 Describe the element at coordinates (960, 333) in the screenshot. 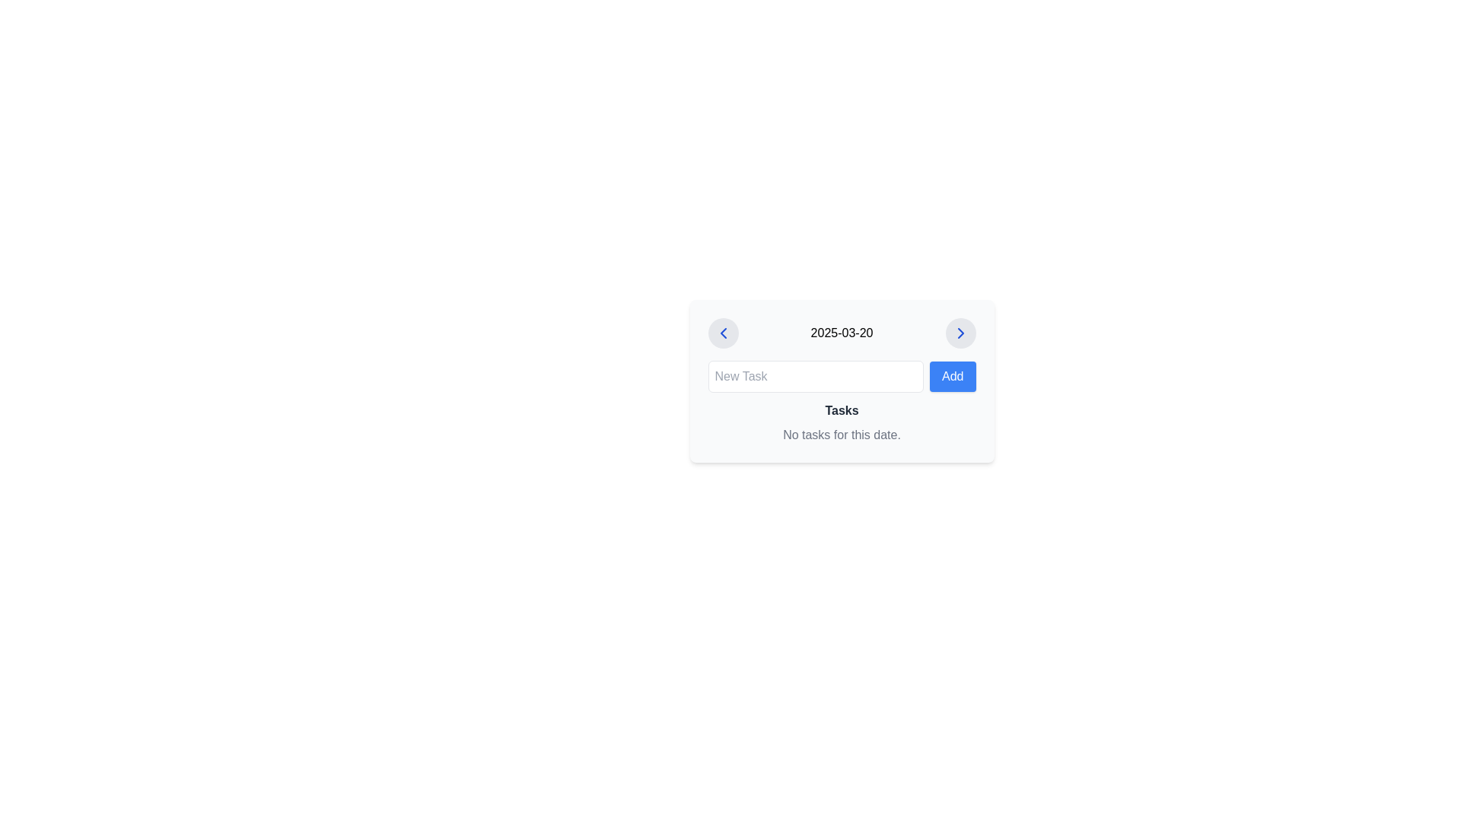

I see `the right-facing chevron icon within the circular button located in the upper-right corner of the card-like interface panel` at that location.